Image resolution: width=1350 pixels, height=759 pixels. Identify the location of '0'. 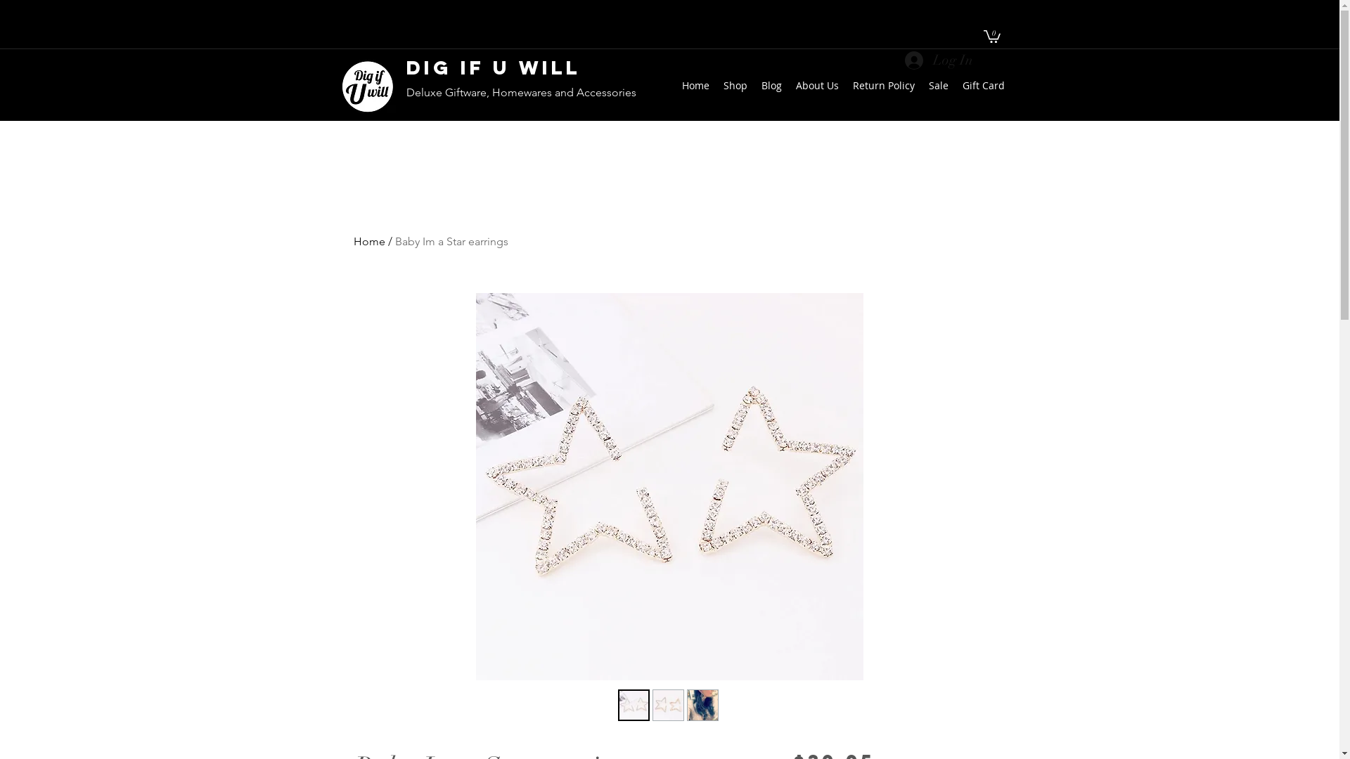
(991, 34).